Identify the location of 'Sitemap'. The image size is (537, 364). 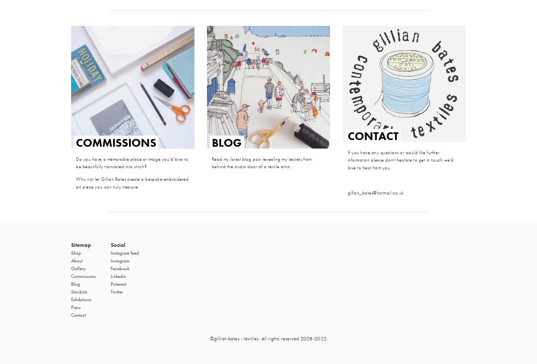
(80, 244).